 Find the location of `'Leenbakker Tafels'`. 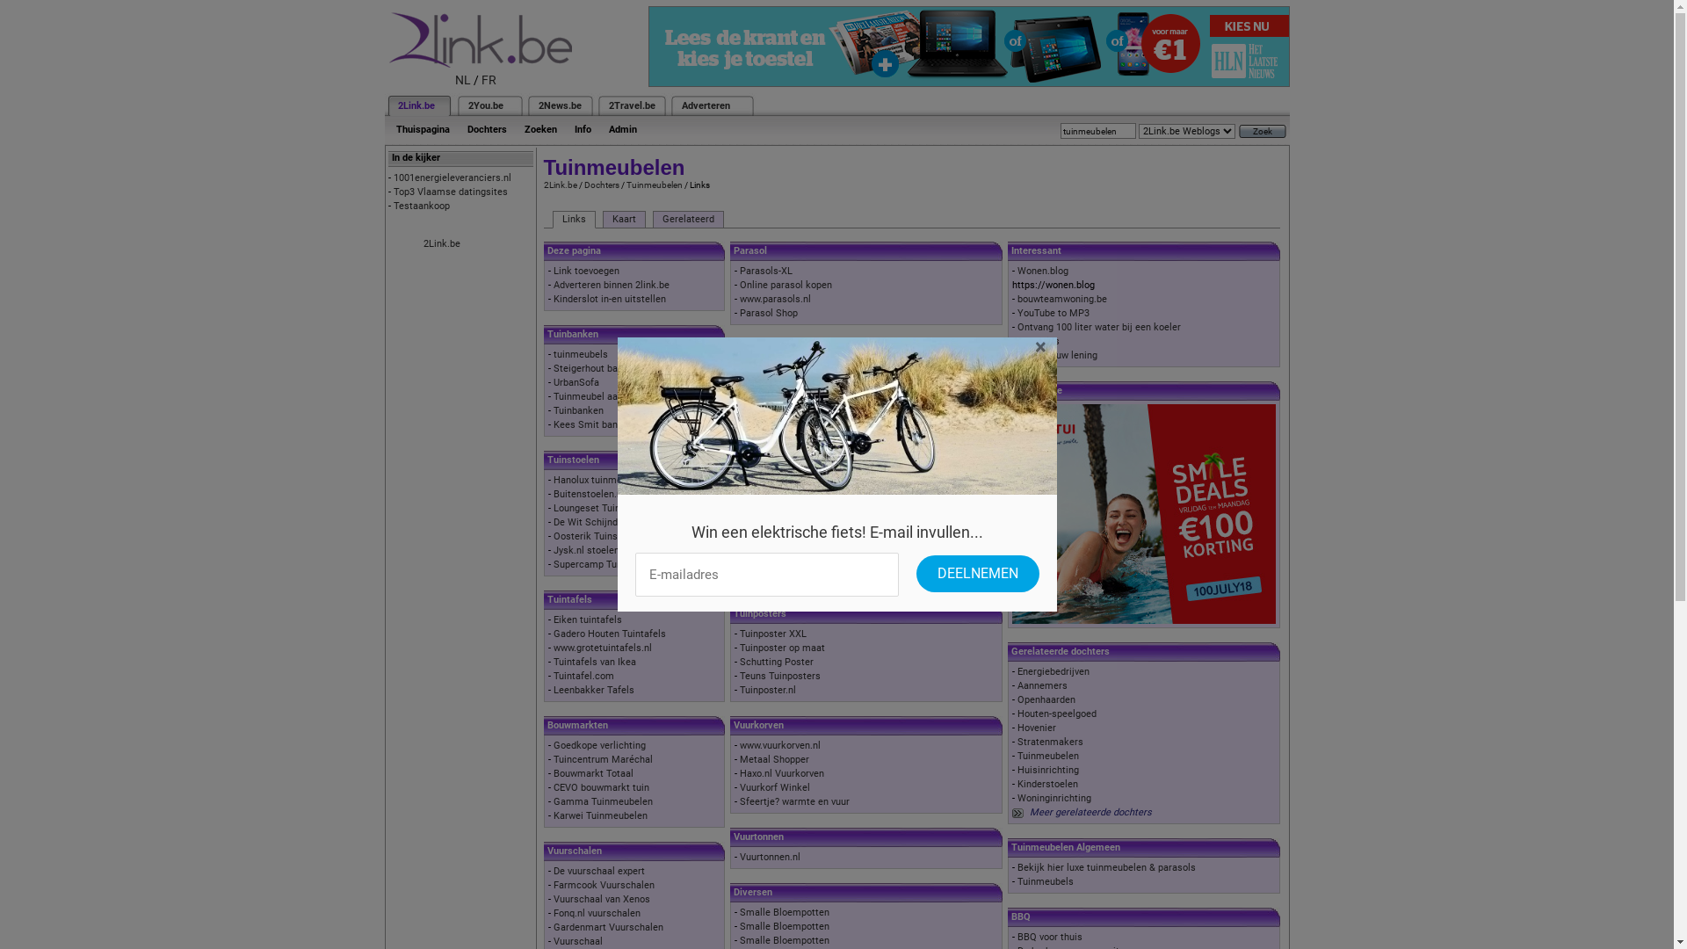

'Leenbakker Tafels' is located at coordinates (594, 689).